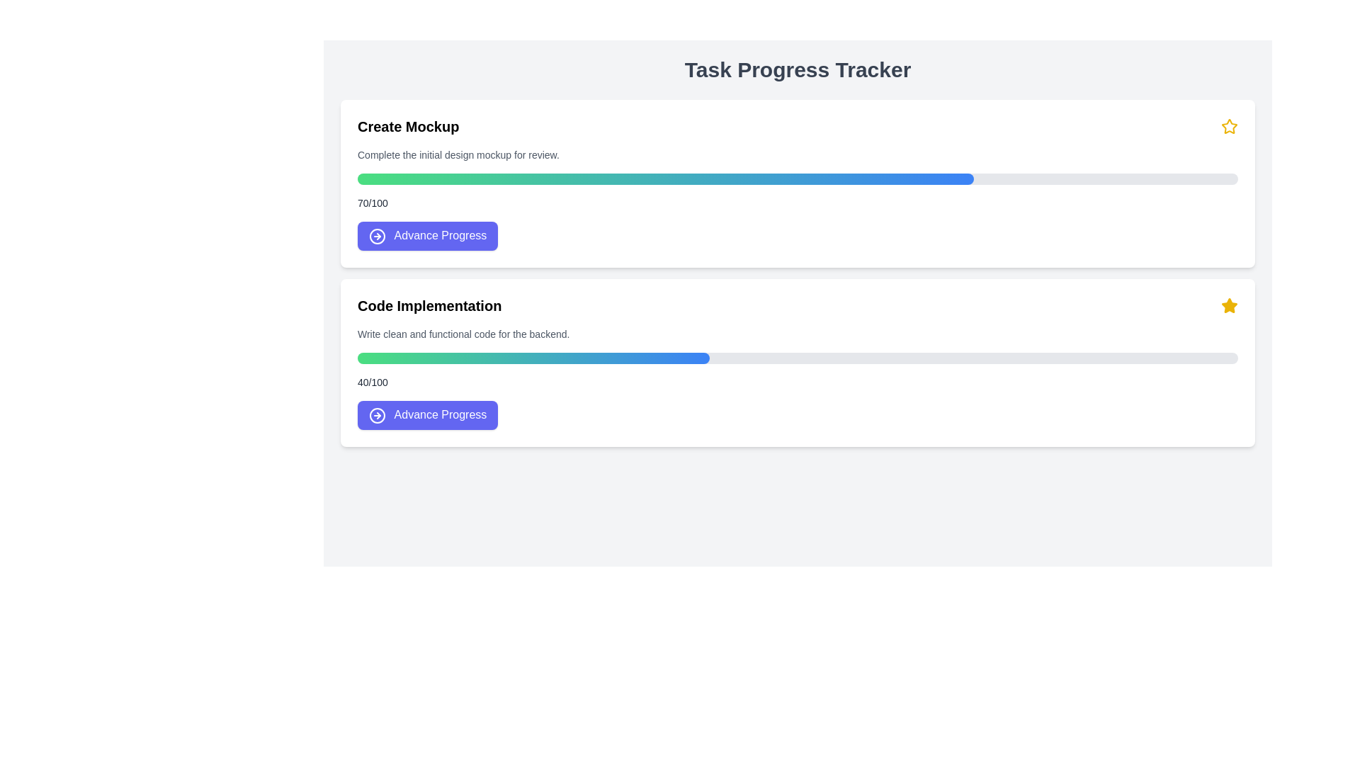 The width and height of the screenshot is (1360, 765). Describe the element at coordinates (463, 334) in the screenshot. I see `the text element that provides a detailed description of the task under the heading 'Code Implementation', located beneath the title and above the progress bar` at that location.